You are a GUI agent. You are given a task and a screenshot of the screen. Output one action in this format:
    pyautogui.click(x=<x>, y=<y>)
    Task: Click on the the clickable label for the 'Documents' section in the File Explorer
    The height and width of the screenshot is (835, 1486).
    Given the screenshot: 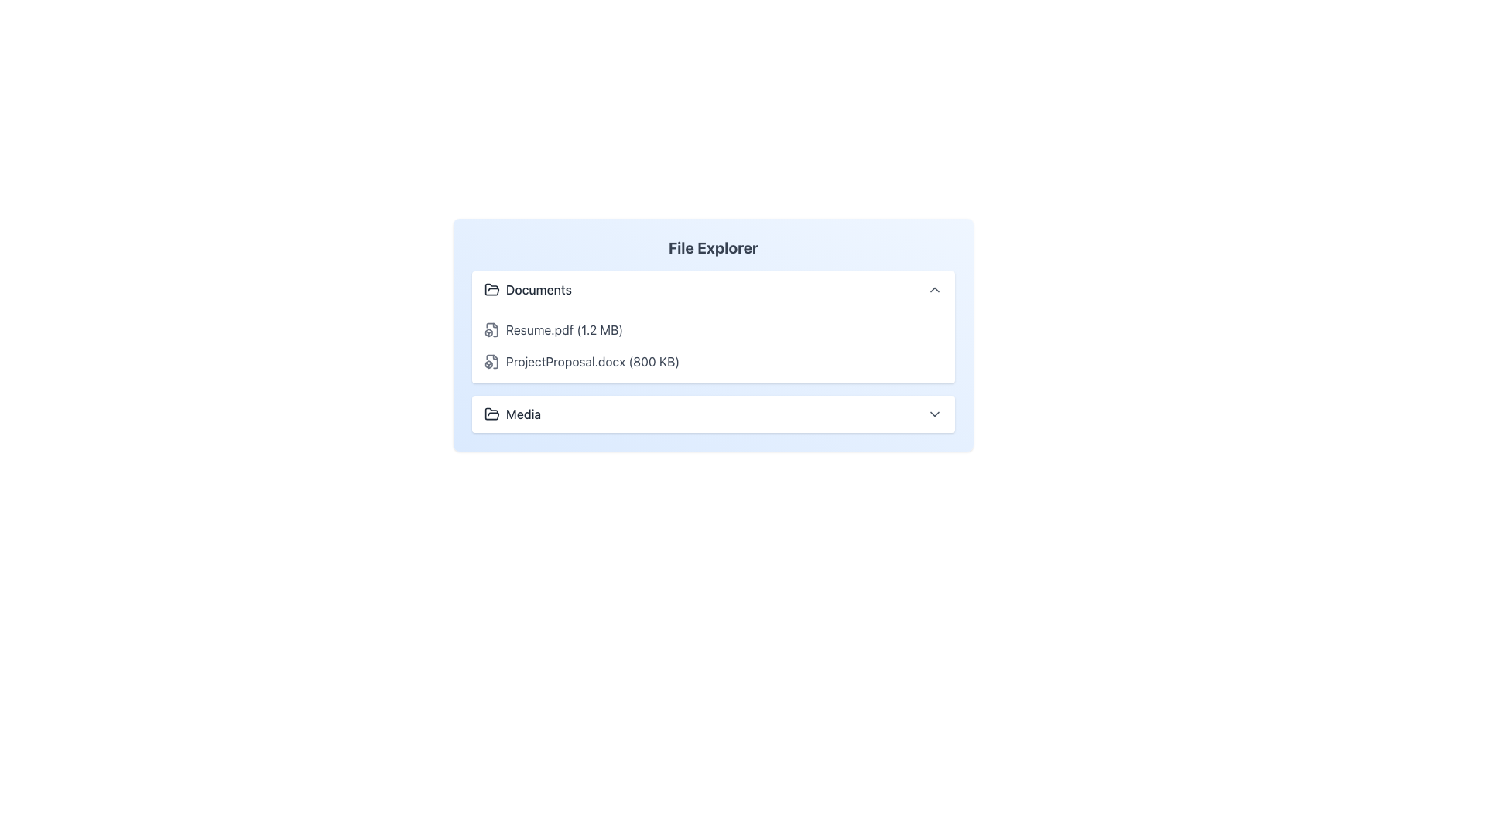 What is the action you would take?
    pyautogui.click(x=528, y=289)
    